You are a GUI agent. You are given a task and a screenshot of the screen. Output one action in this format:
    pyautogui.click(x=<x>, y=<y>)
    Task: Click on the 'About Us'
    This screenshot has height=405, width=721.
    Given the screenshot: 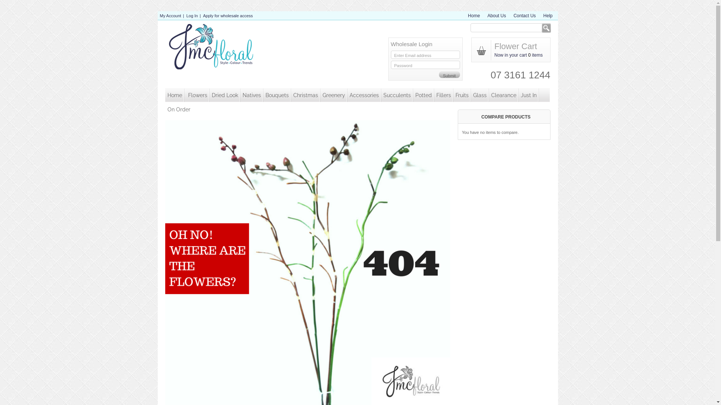 What is the action you would take?
    pyautogui.click(x=499, y=16)
    